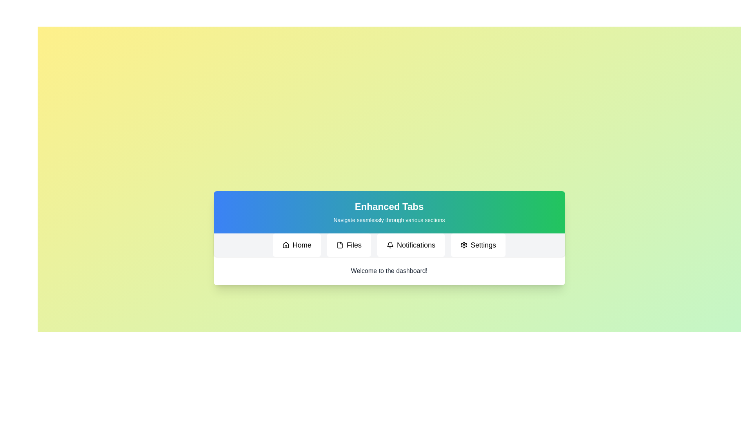 The image size is (753, 423). I want to click on the gear-shaped icon associated with settings located in the rightmost side of the navigation tabs before the 'Settings' label, so click(464, 244).